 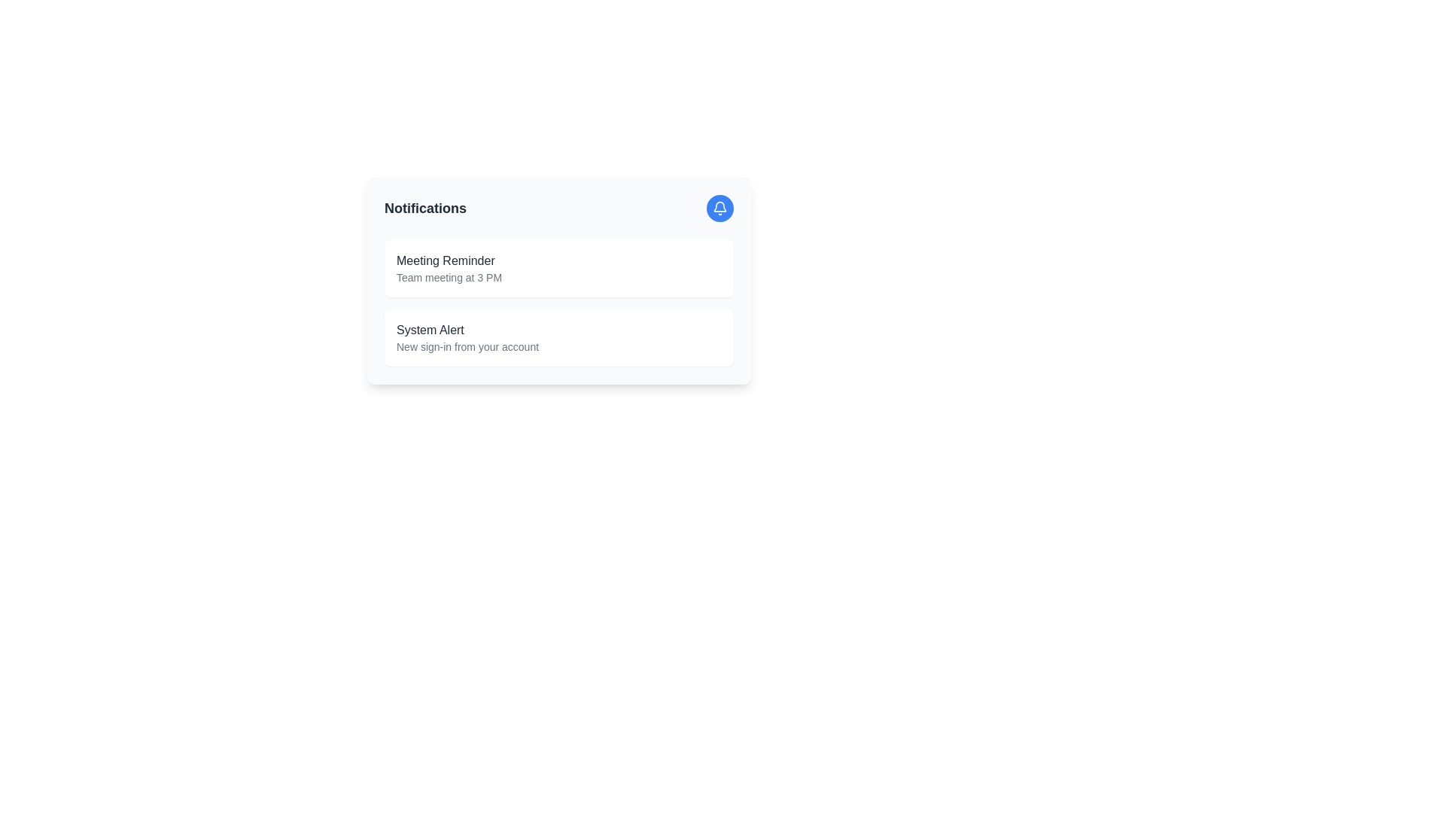 I want to click on informational text label providing details for the meeting scheduled at 3 PM, located beneath the 'Meeting Reminder' text, so click(x=449, y=278).